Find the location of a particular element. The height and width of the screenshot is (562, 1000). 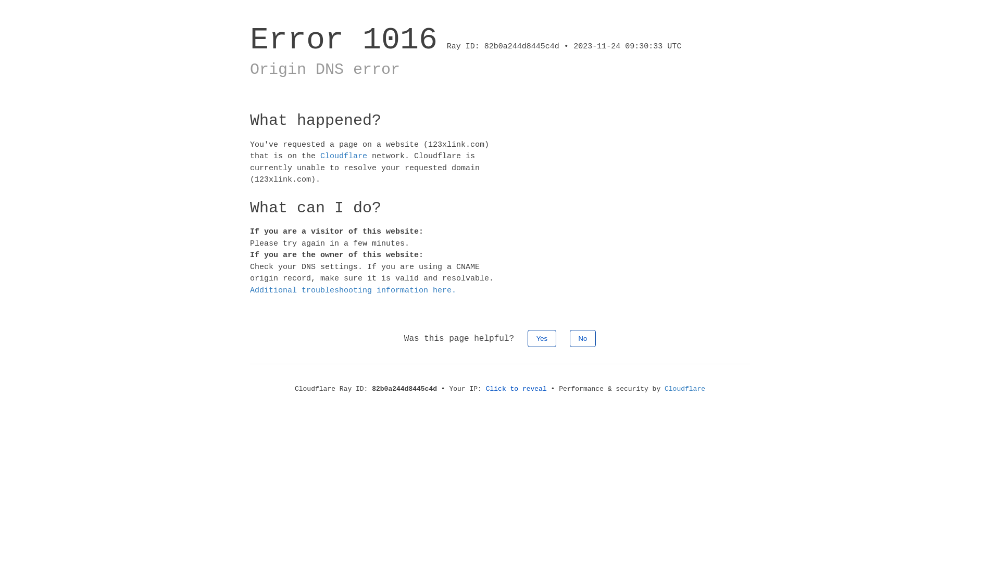

'Yes' is located at coordinates (542, 338).